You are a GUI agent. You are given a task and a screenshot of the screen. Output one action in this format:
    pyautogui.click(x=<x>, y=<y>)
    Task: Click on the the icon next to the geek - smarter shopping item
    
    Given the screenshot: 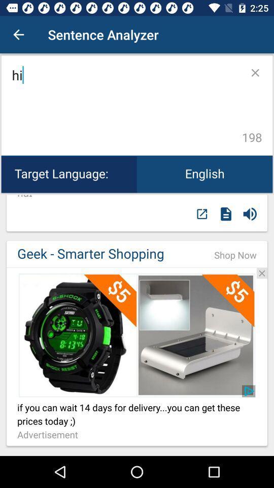 What is the action you would take?
    pyautogui.click(x=235, y=255)
    